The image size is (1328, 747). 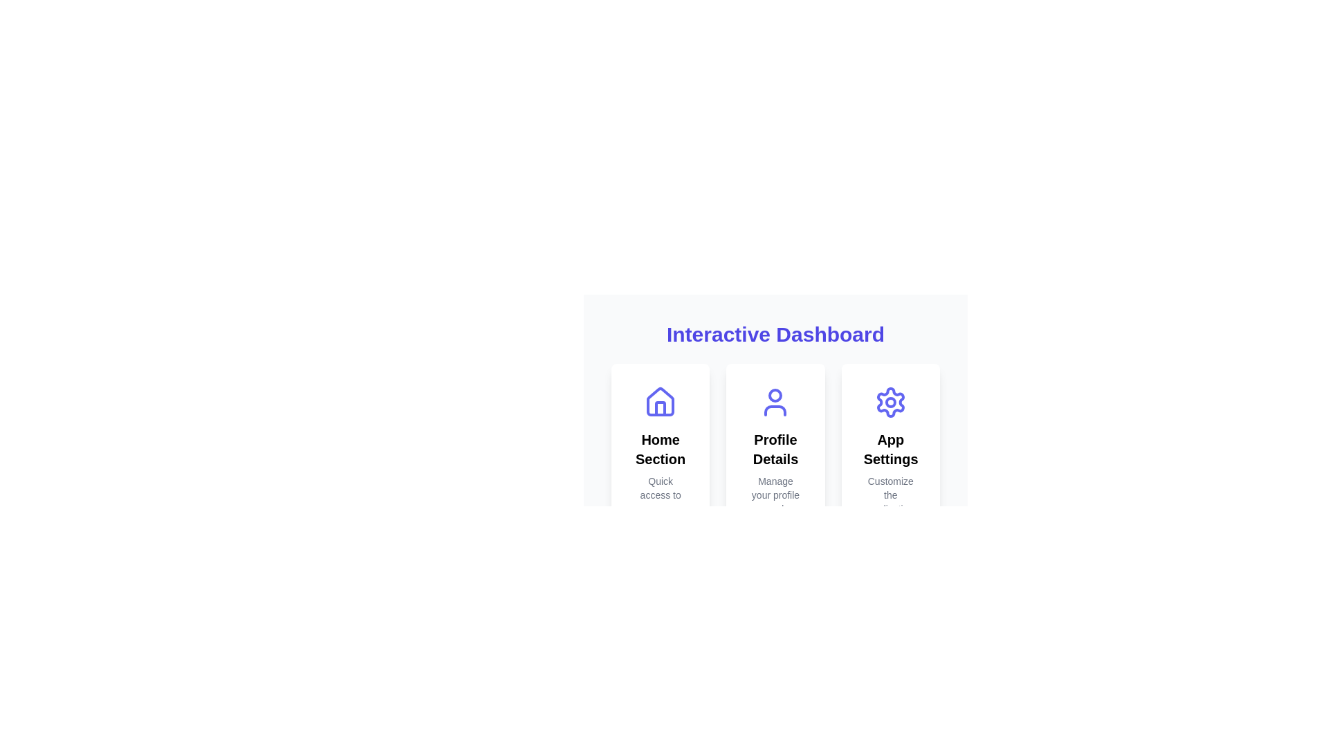 I want to click on the purple house icon located at the top of the 'Home Section' card in the Interactive Dashboard, so click(x=660, y=403).